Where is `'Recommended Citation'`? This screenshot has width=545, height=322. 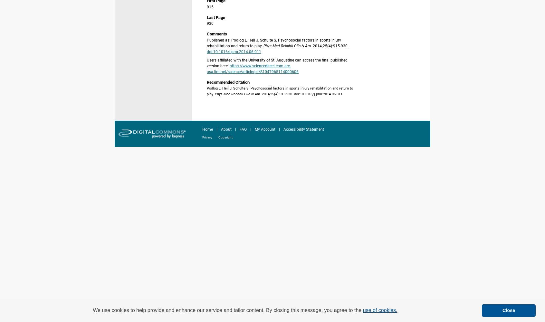 'Recommended Citation' is located at coordinates (228, 82).